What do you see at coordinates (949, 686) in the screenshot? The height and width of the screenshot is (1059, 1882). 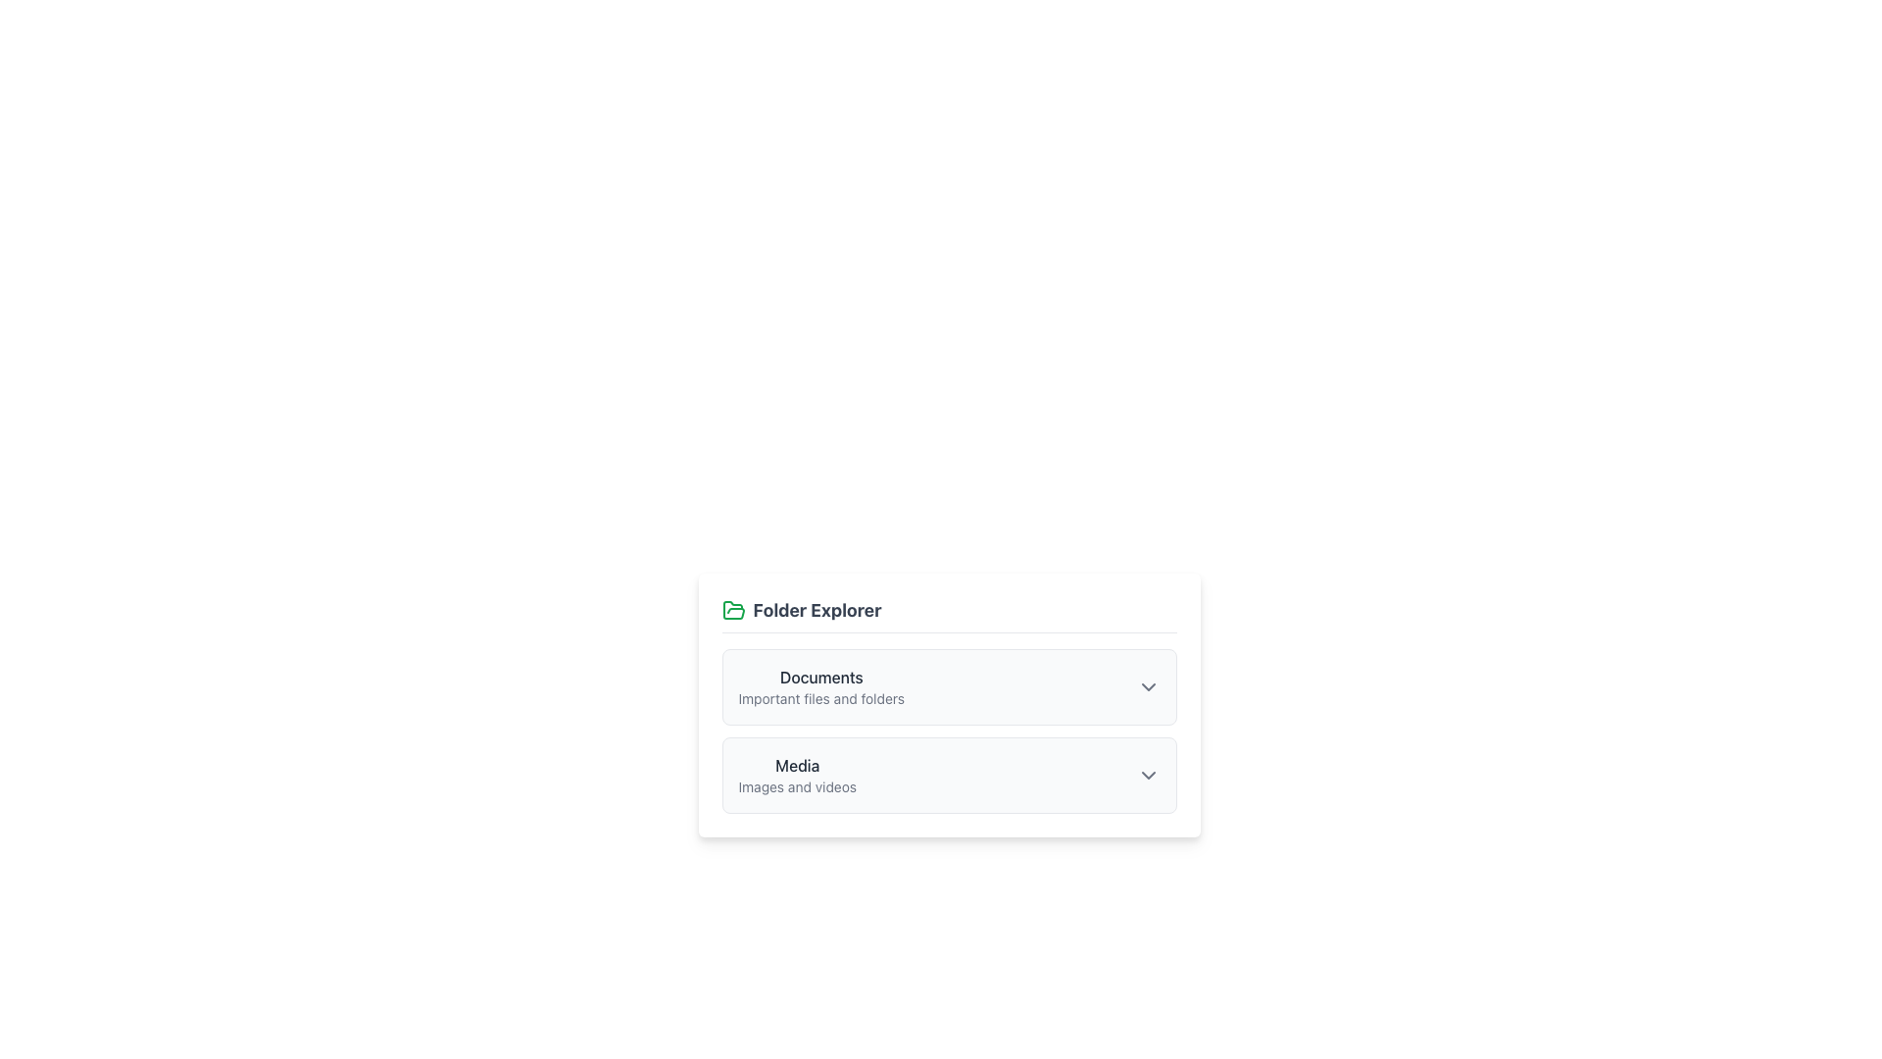 I see `the first clickable list item titled 'Documents' in the 'Folder Explorer' section` at bounding box center [949, 686].